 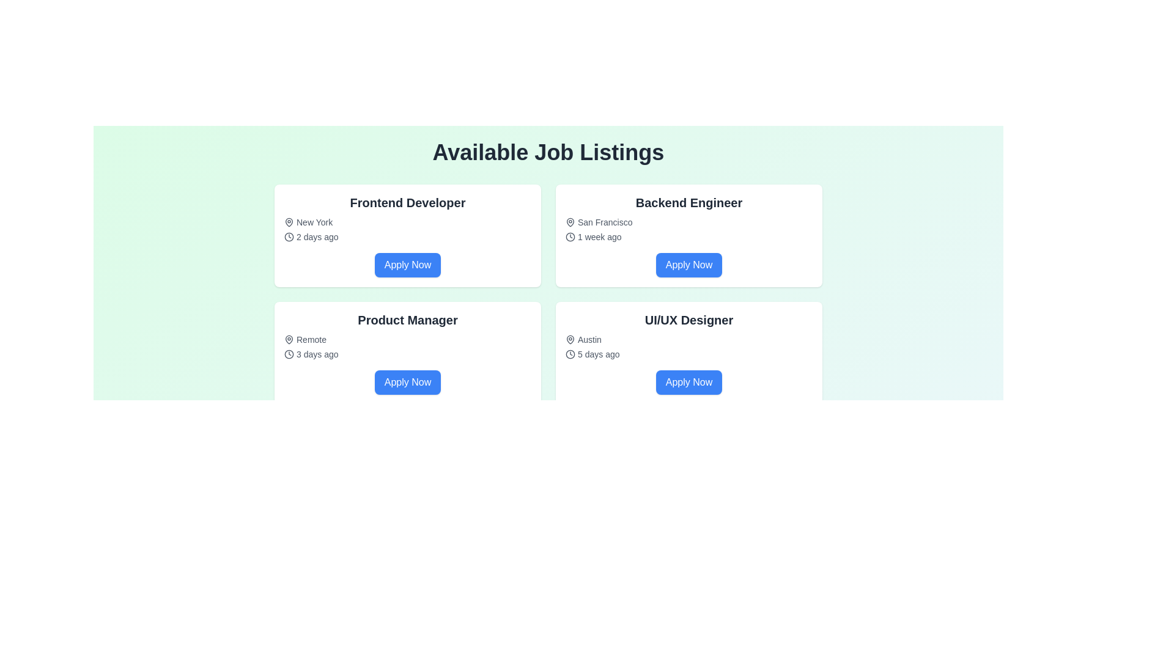 What do you see at coordinates (289, 339) in the screenshot?
I see `the stylized map pin icon located on the left side of the 'Remote' label within the 'Product Manager' job listing card` at bounding box center [289, 339].